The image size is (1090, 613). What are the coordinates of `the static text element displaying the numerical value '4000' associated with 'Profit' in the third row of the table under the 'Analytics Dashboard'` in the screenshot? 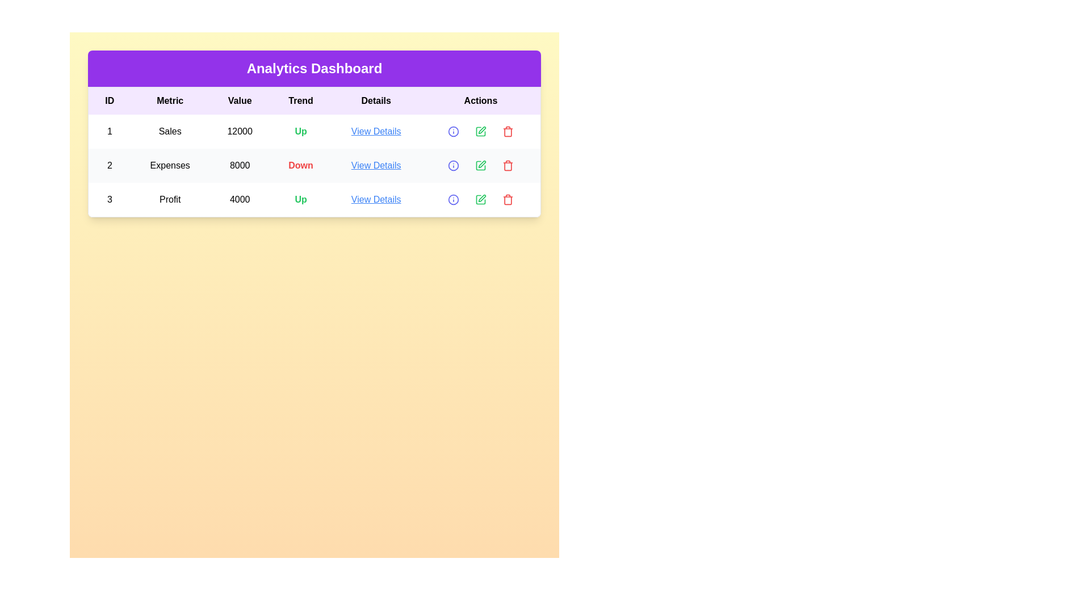 It's located at (239, 199).